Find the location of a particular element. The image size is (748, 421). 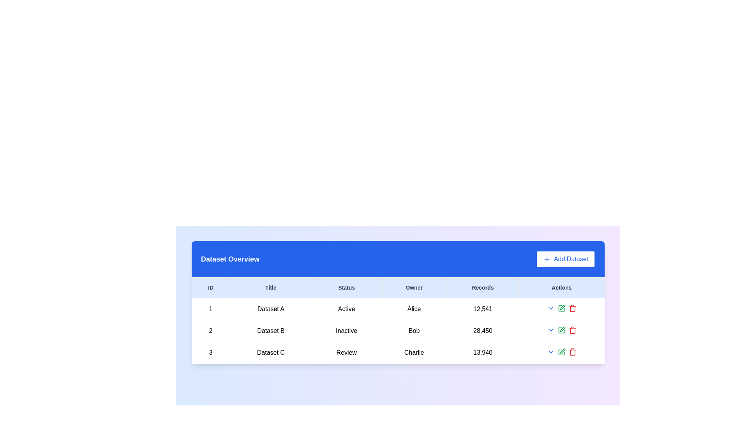

the numeric text '12,541' located in the fifth column of the first row under the 'Dataset Overview' header is located at coordinates (482, 309).